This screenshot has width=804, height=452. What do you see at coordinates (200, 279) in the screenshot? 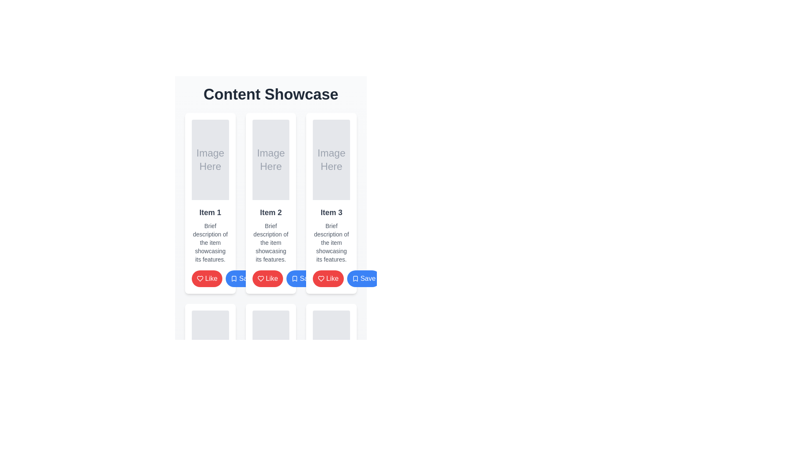
I see `the heart icon to like or unlike the 'Item 2' card, which is visually represented by a vector graphic icon located below the card in the middle column of the interface` at bounding box center [200, 279].